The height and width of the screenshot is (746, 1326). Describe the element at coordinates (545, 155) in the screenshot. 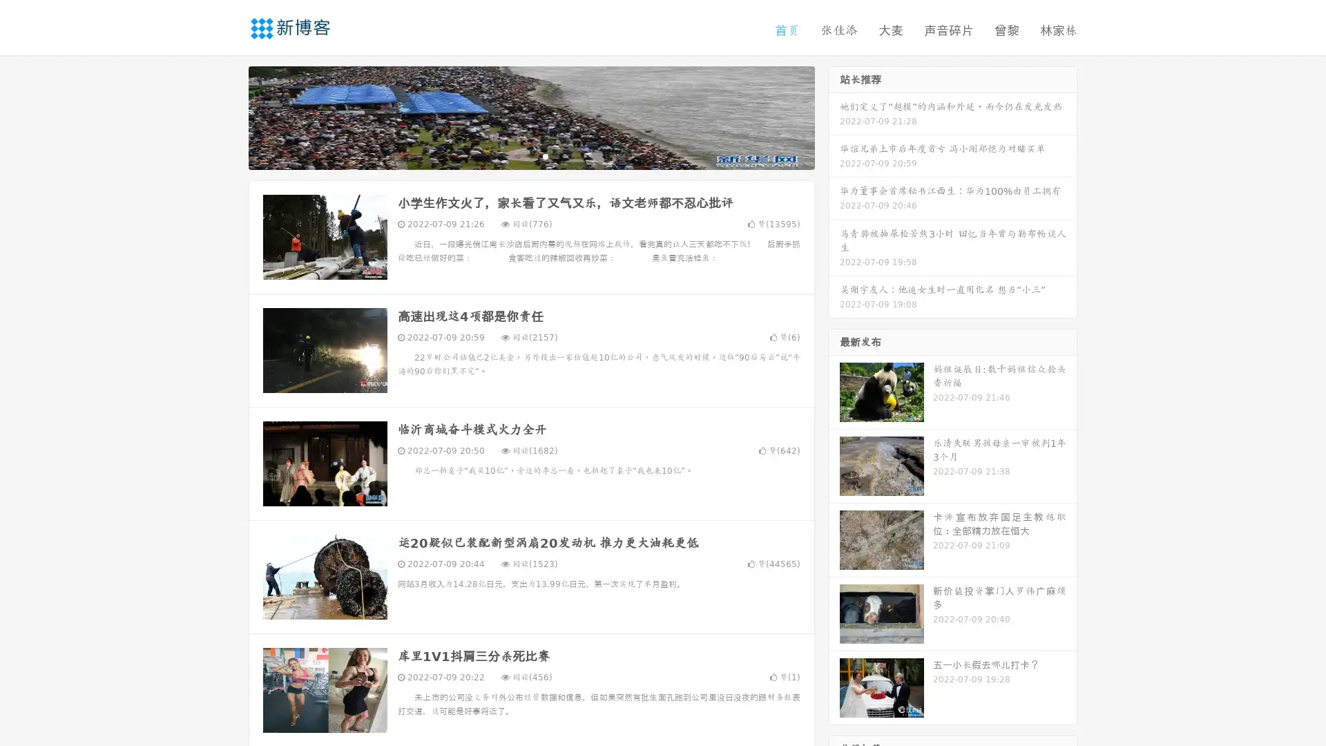

I see `Go to slide 3` at that location.